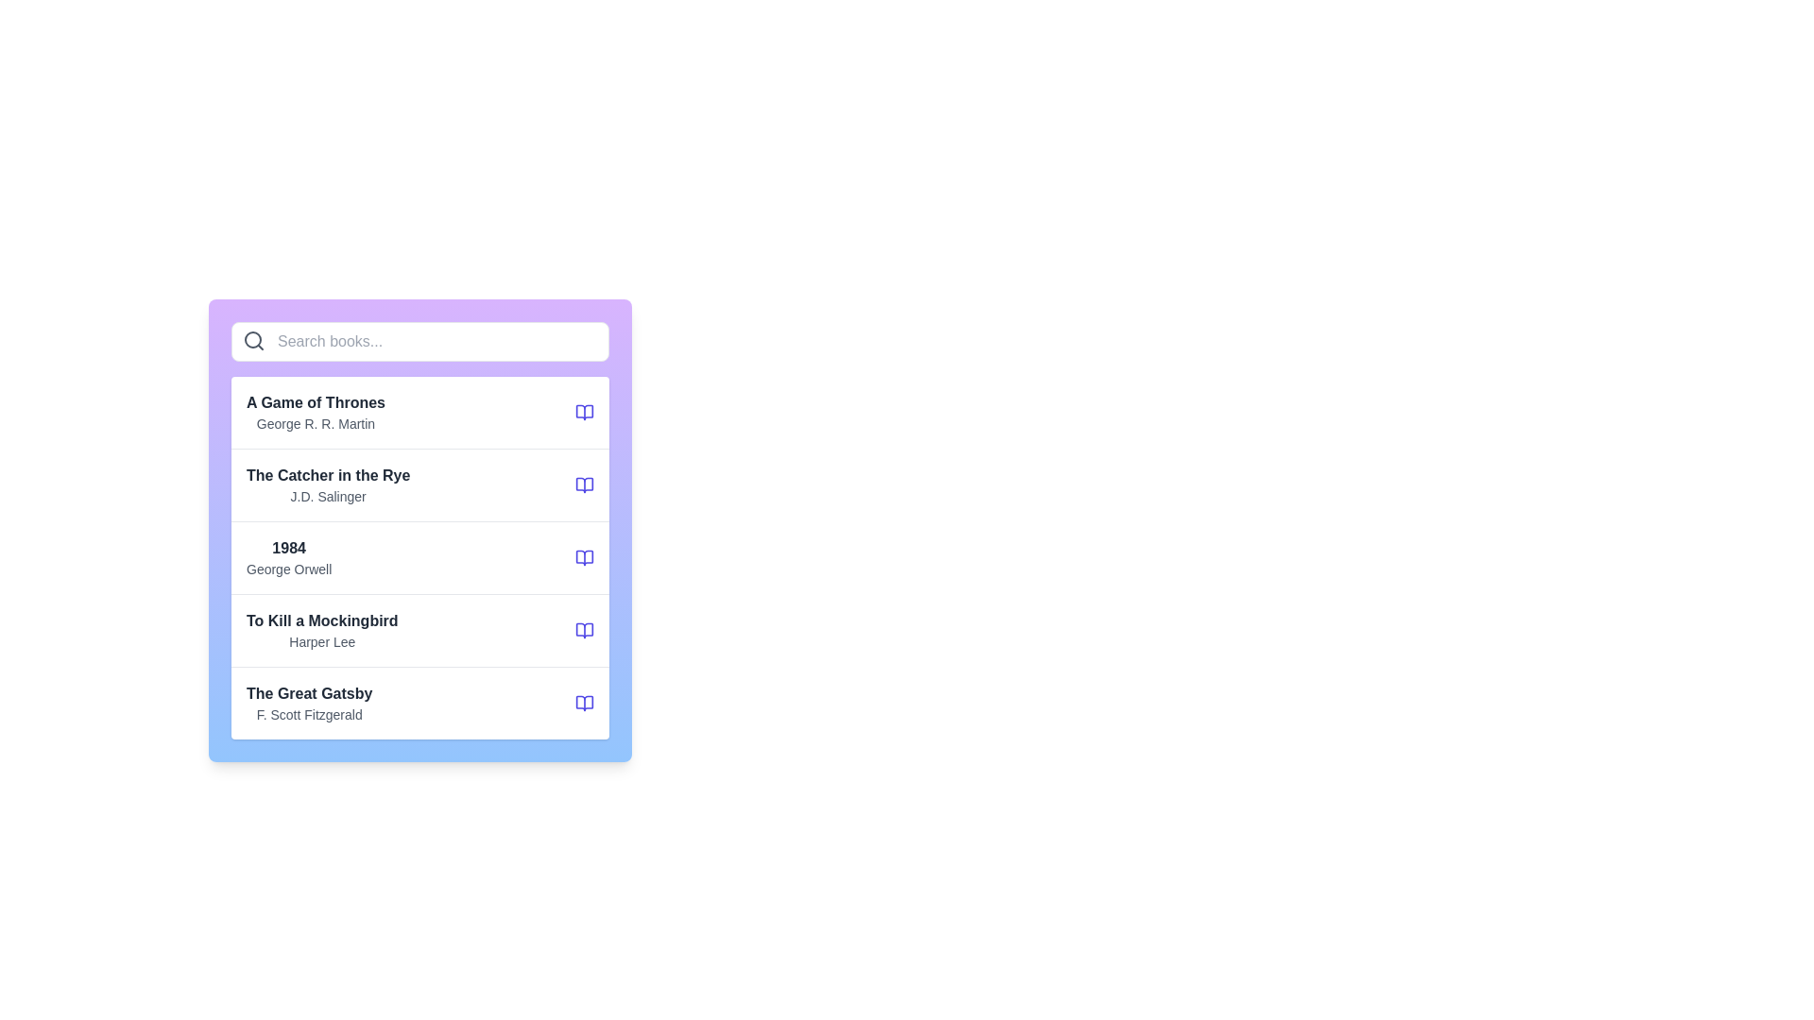 The width and height of the screenshot is (1814, 1020). What do you see at coordinates (584, 484) in the screenshot?
I see `the SVG icon styled as an open book, which is indigo colored with a stroke outline and located to the right of the text 'The Catcher in the Rye'` at bounding box center [584, 484].